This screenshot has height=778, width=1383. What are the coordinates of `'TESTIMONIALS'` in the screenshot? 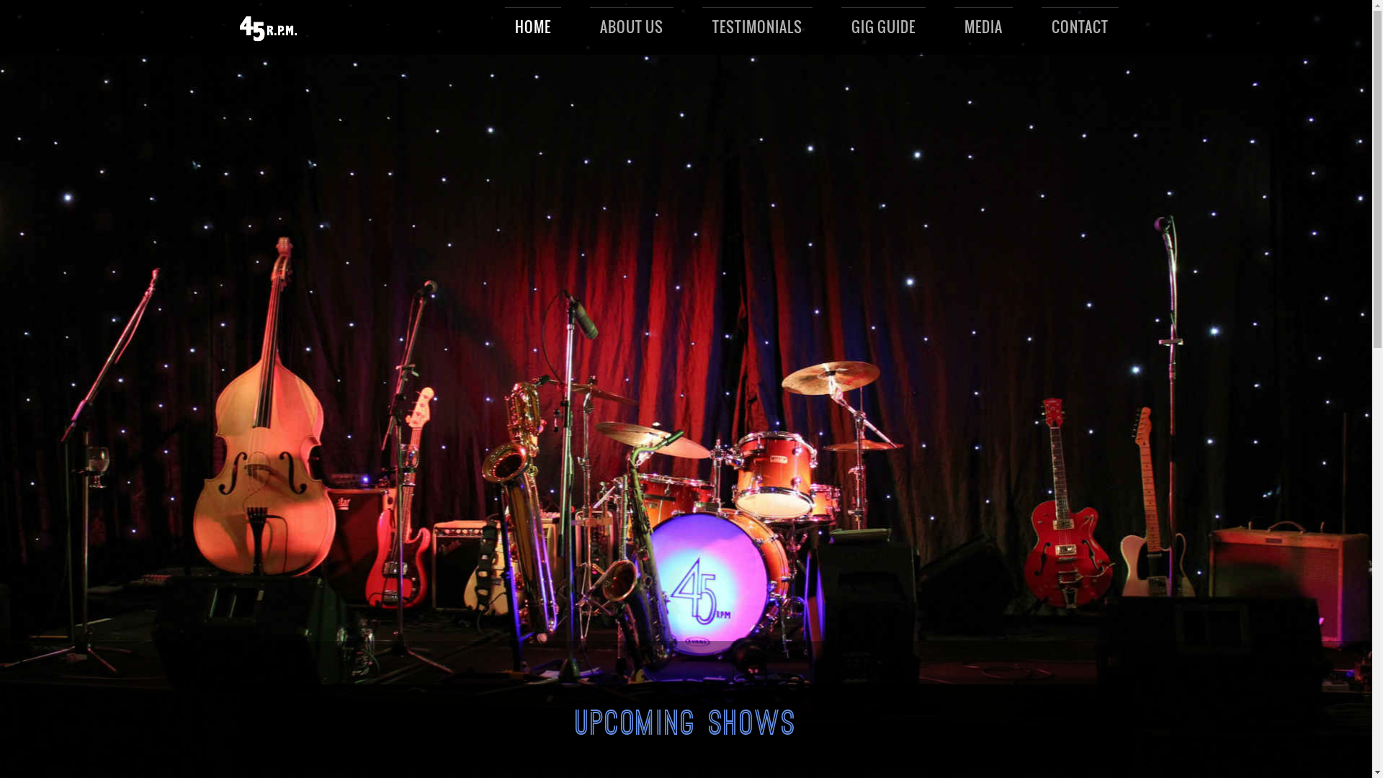 It's located at (756, 27).